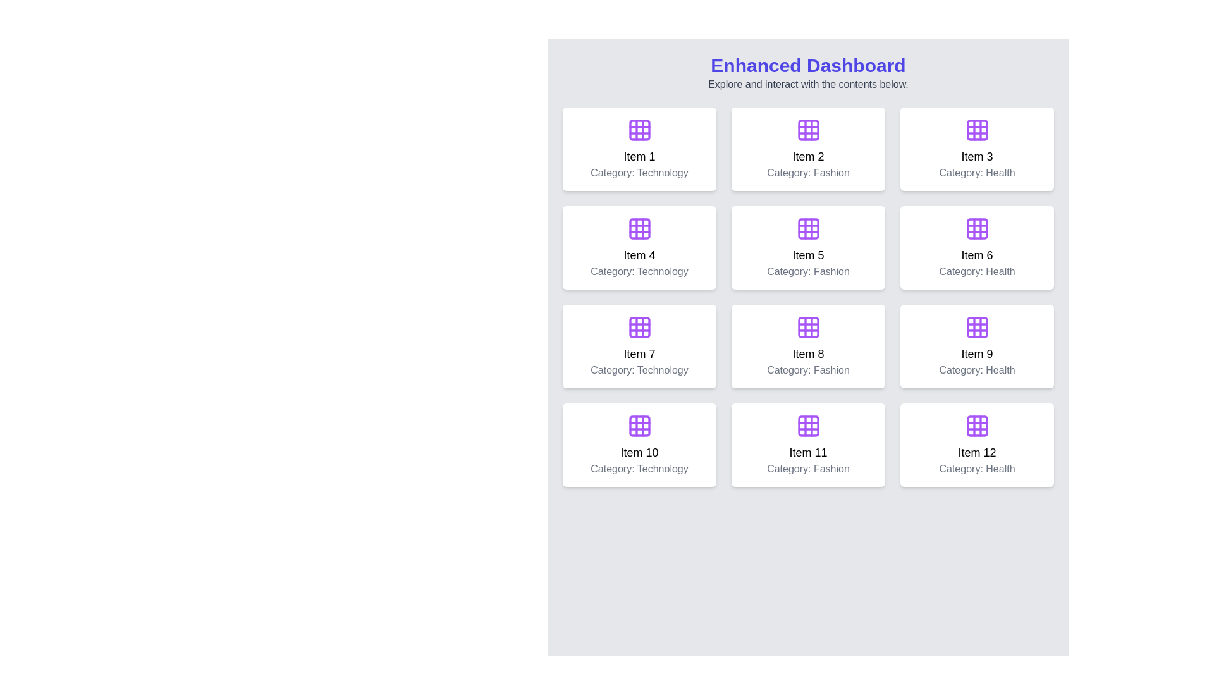  Describe the element at coordinates (807, 452) in the screenshot. I see `the text element labeled 'Item 11', which is positioned within a card in the lower row of the grid, situated between 'Item 10' and 'Item 12'` at that location.